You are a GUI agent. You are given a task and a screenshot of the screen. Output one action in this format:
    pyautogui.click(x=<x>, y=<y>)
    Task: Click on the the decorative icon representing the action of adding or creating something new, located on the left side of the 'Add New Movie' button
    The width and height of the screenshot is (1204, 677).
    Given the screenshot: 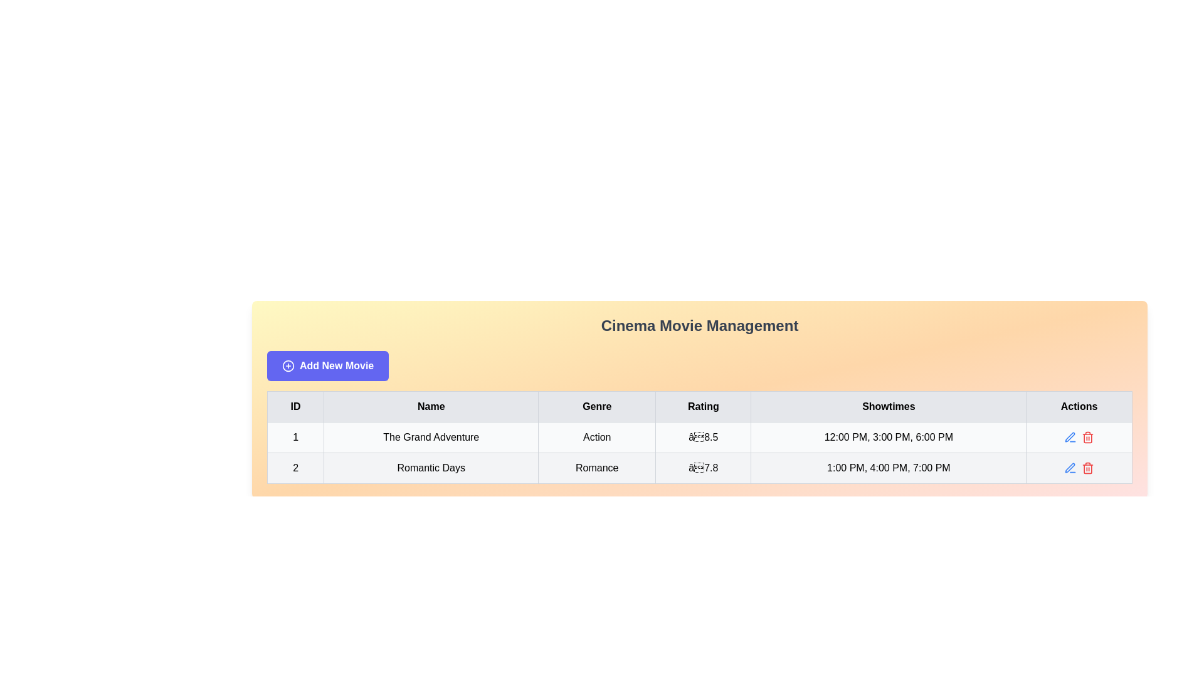 What is the action you would take?
    pyautogui.click(x=288, y=365)
    